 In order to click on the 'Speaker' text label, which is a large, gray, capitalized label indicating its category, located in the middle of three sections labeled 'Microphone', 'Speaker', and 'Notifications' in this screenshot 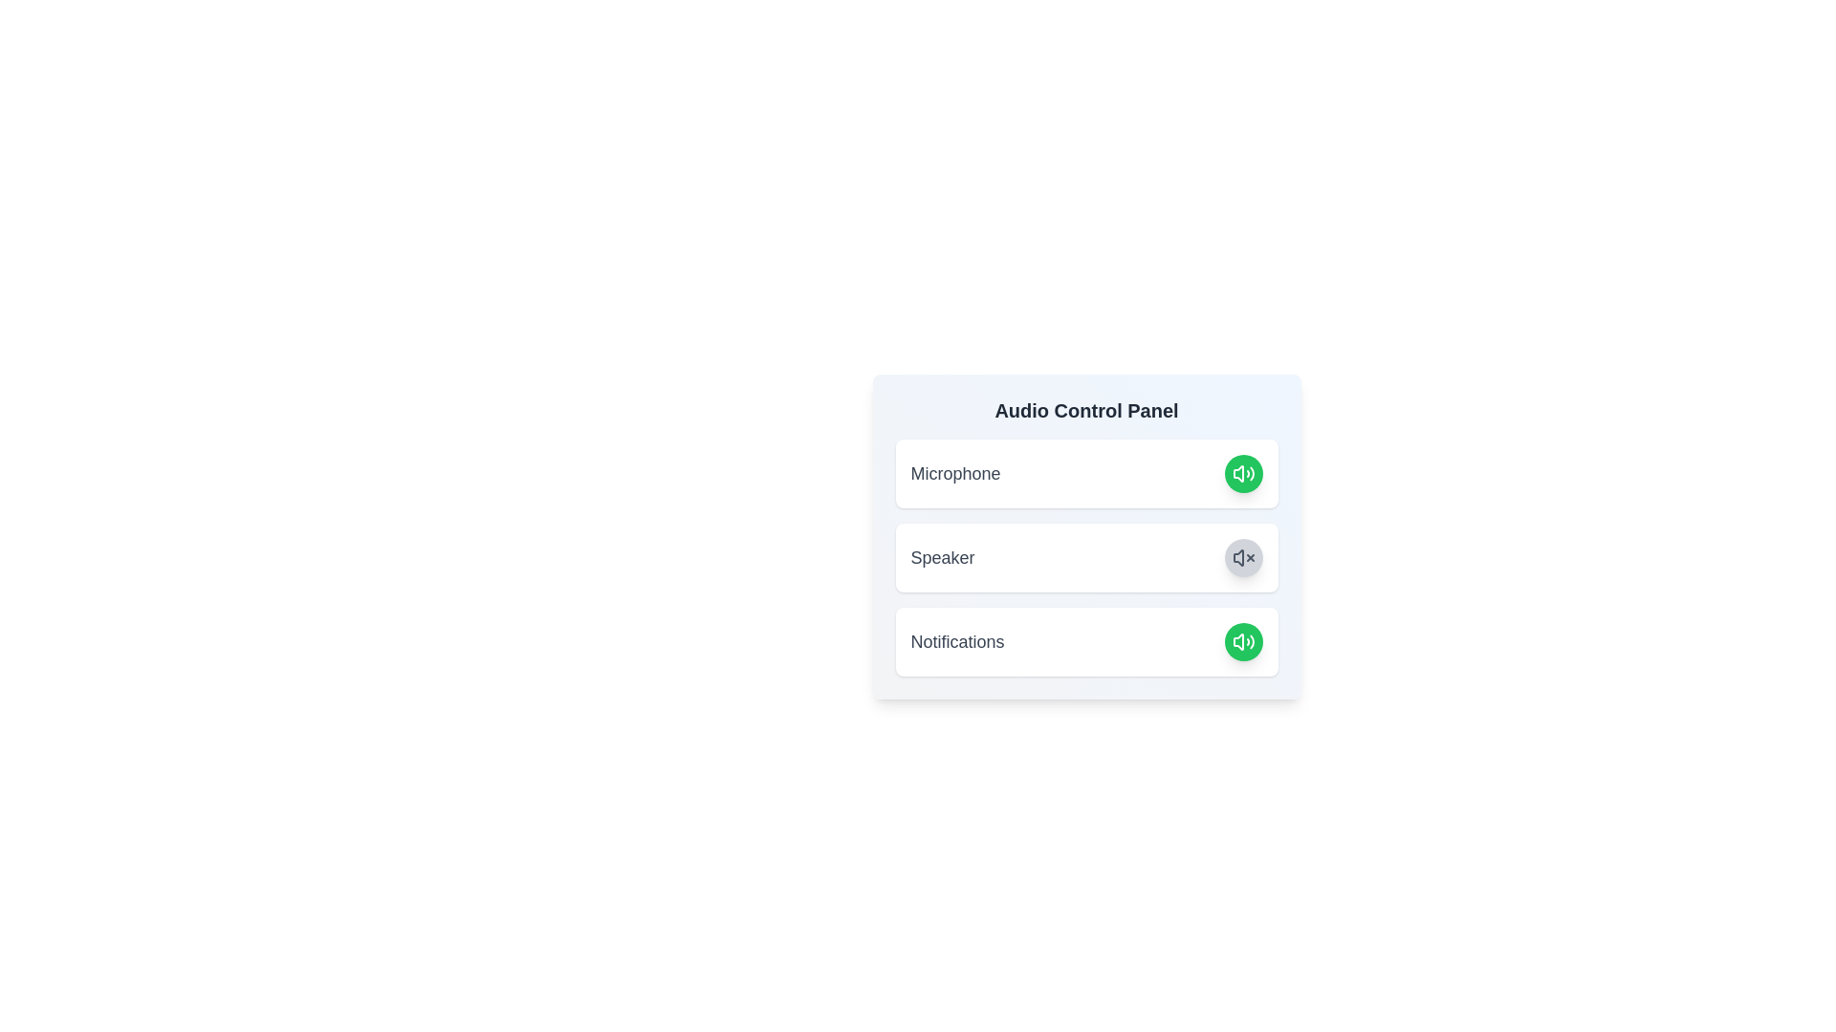, I will do `click(943, 557)`.